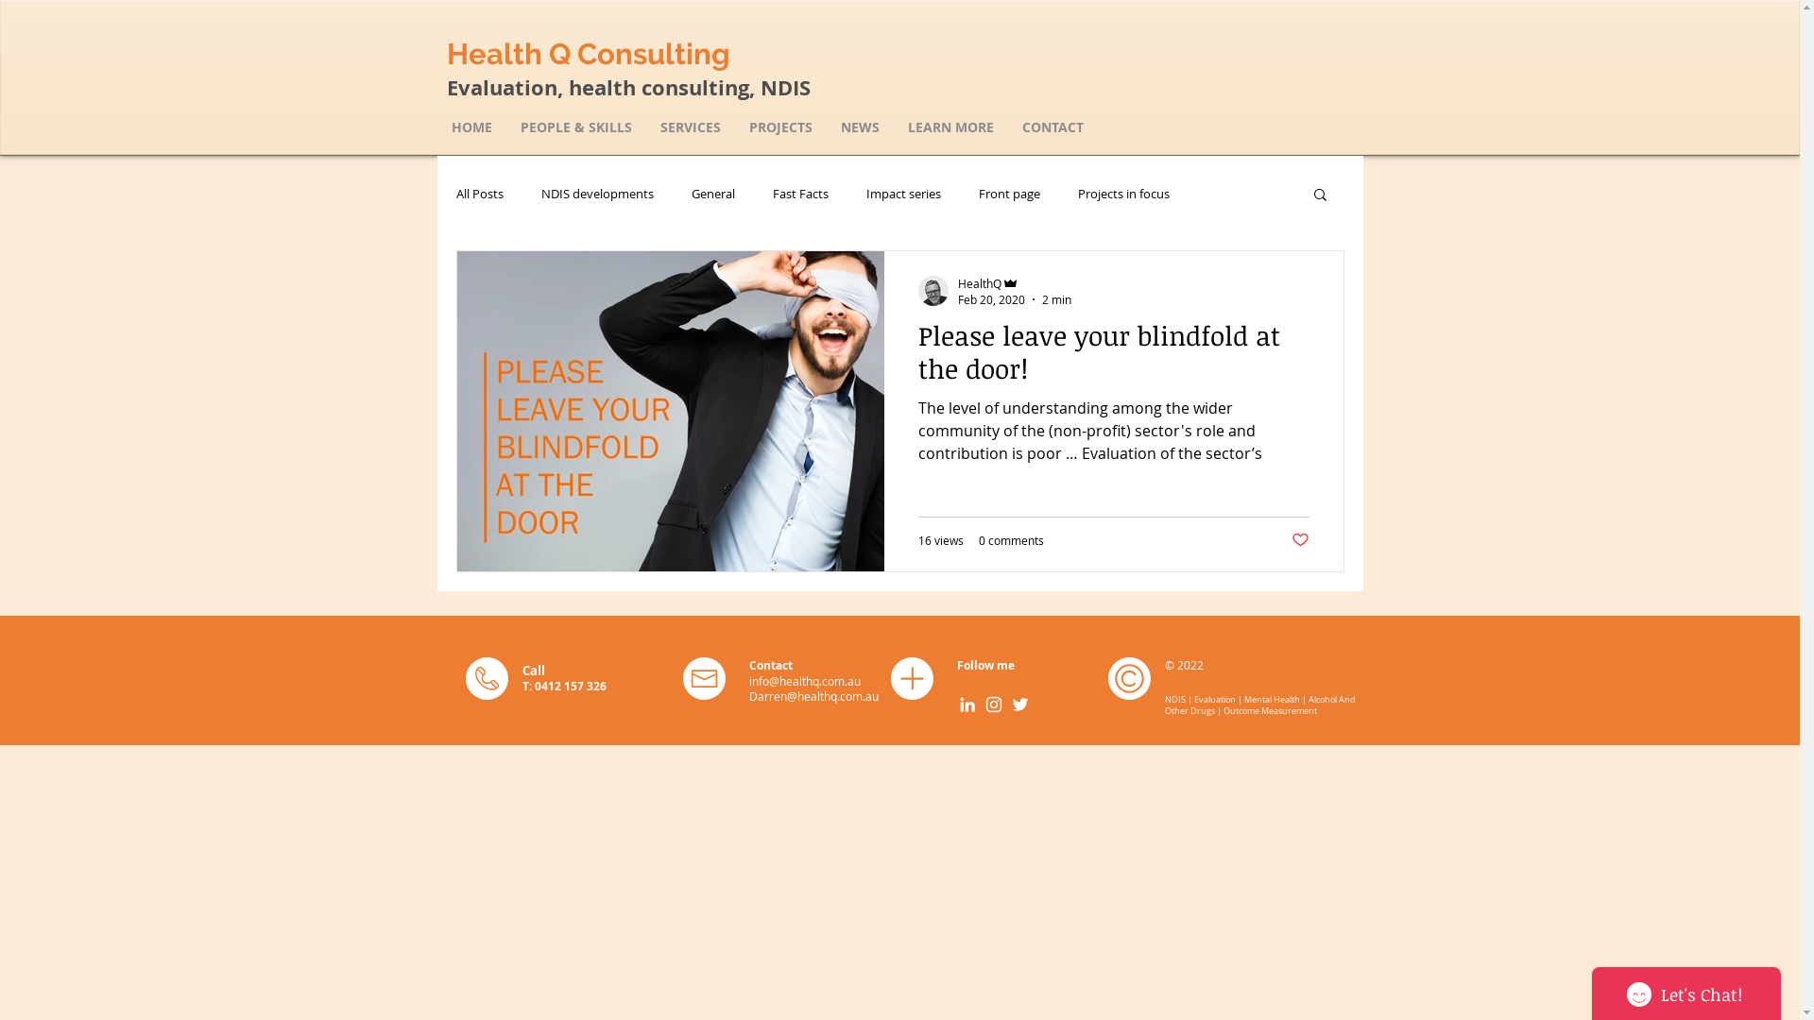 This screenshot has width=1814, height=1020. I want to click on 'Front page', so click(1008, 193).